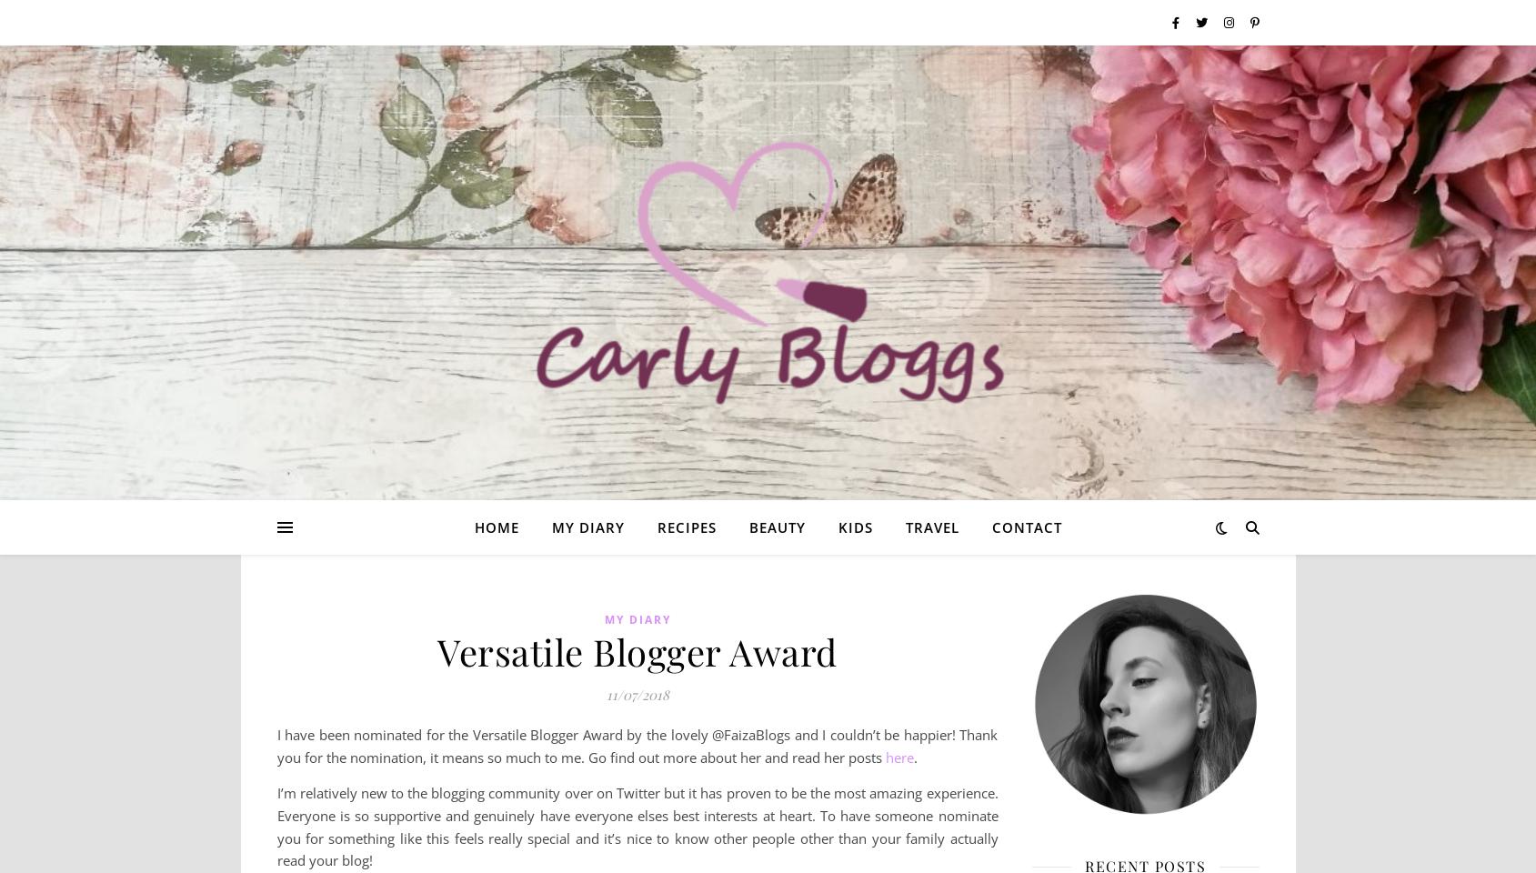 This screenshot has width=1536, height=873. I want to click on '.', so click(913, 757).